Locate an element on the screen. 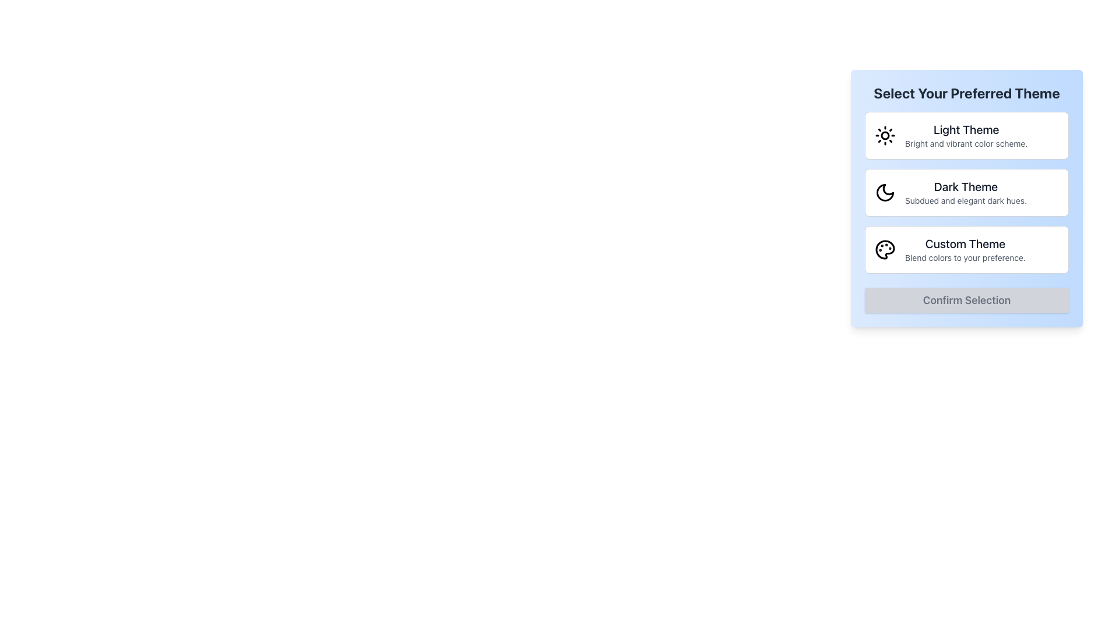 This screenshot has height=629, width=1119. the theme selection row within the styled card group that has a gradient background and a disabled confirmation button is located at coordinates (967, 197).